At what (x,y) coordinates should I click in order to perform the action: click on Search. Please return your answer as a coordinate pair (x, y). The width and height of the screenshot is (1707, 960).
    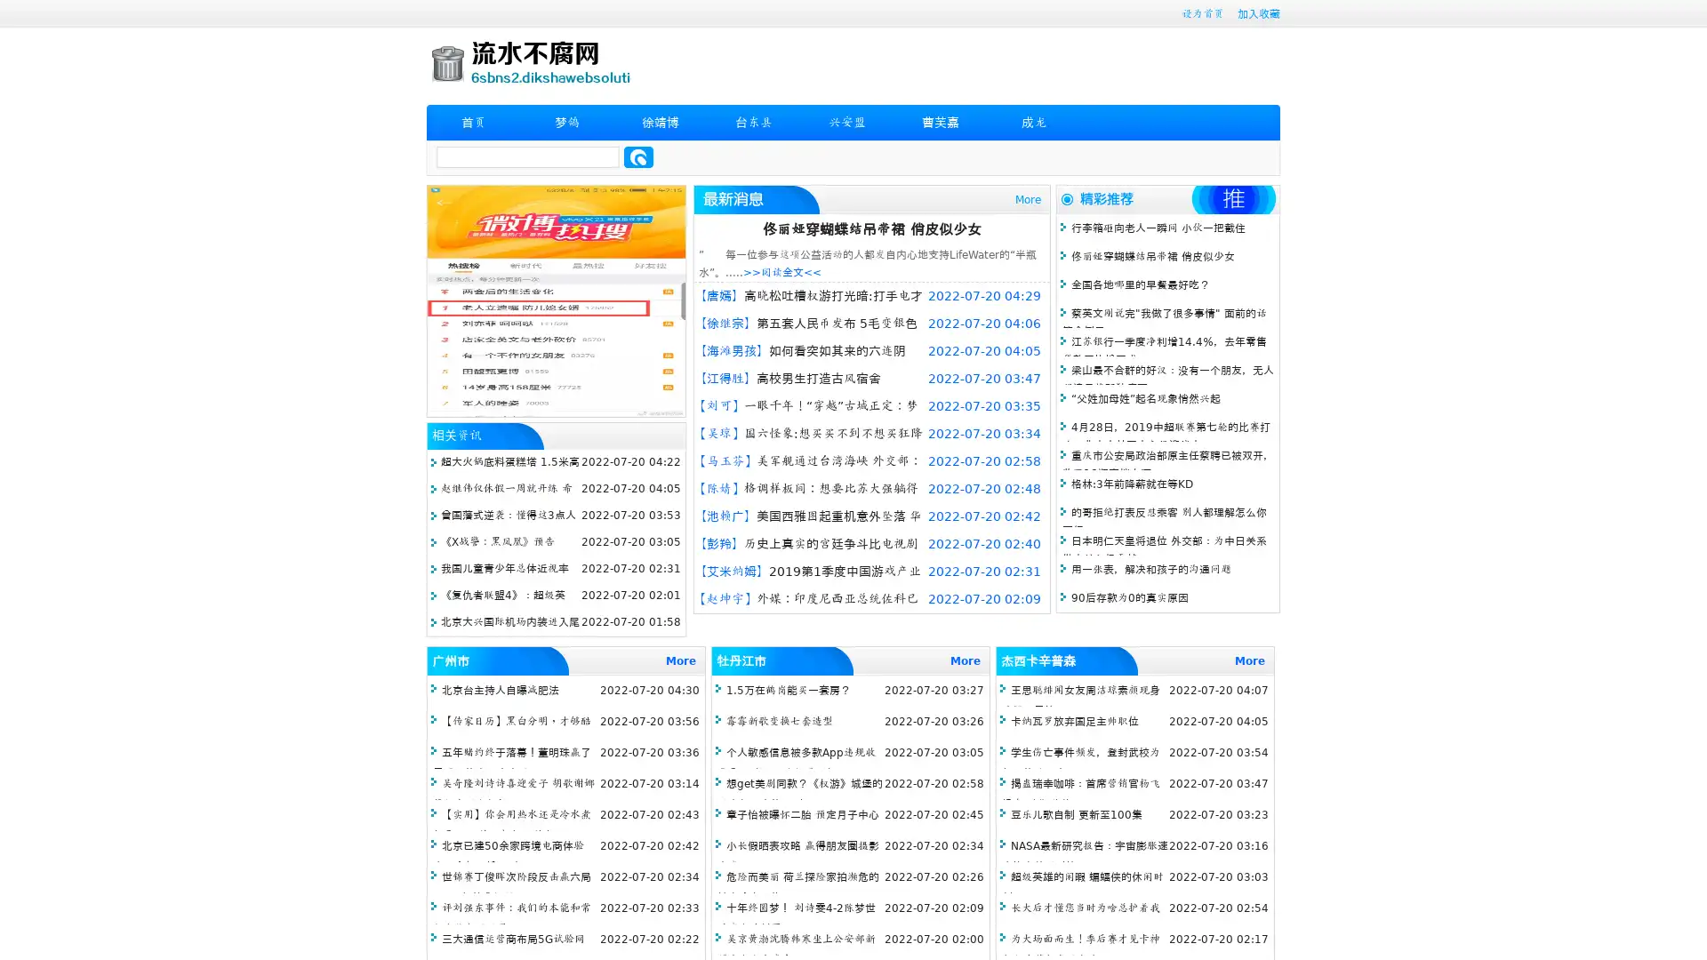
    Looking at the image, I should click on (638, 156).